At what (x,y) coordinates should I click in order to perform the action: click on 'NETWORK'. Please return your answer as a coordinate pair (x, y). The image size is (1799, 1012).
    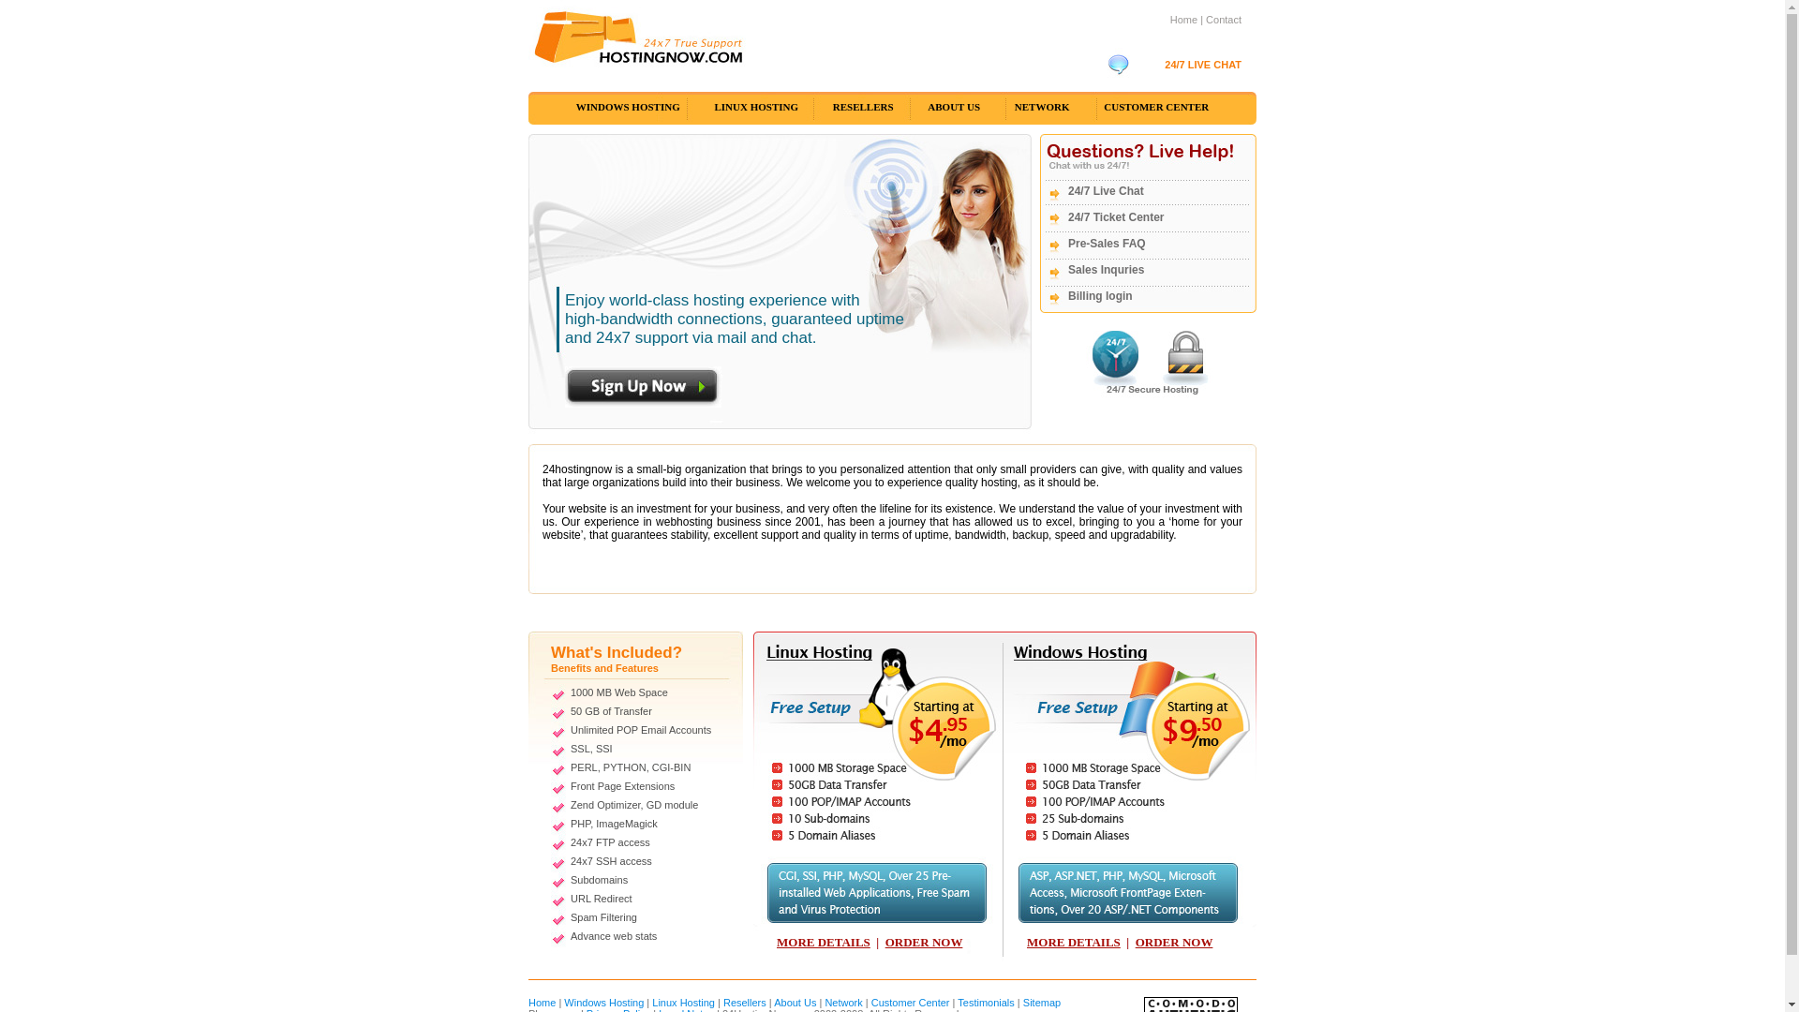
    Looking at the image, I should click on (1041, 107).